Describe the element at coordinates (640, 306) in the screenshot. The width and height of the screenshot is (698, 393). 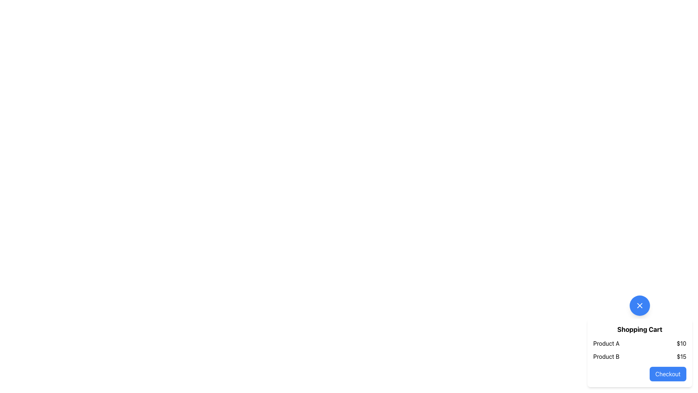
I see `the circular button located at the top right side of the shopping cart interface for visual feedback` at that location.